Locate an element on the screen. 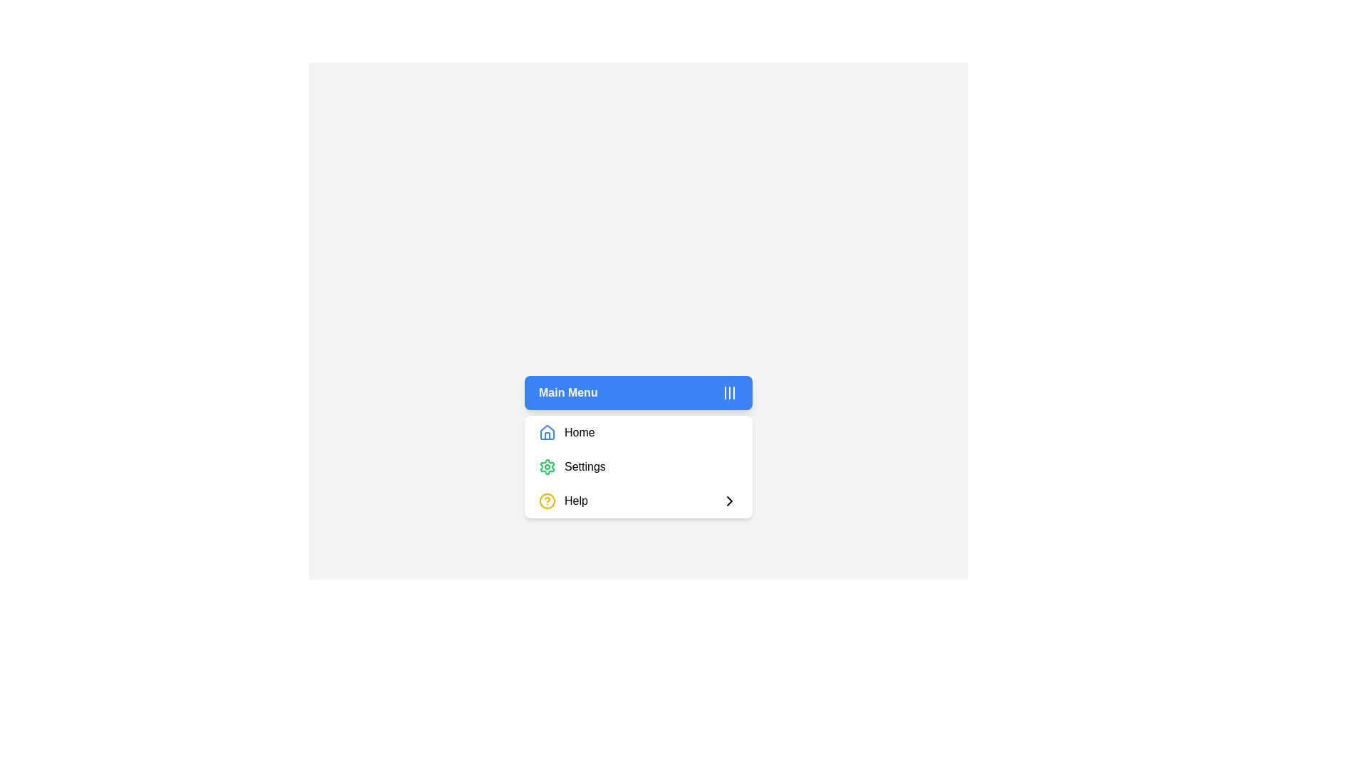  the circular yellow help icon located next to the 'Help' label in the lower part of the menu is located at coordinates (546, 501).